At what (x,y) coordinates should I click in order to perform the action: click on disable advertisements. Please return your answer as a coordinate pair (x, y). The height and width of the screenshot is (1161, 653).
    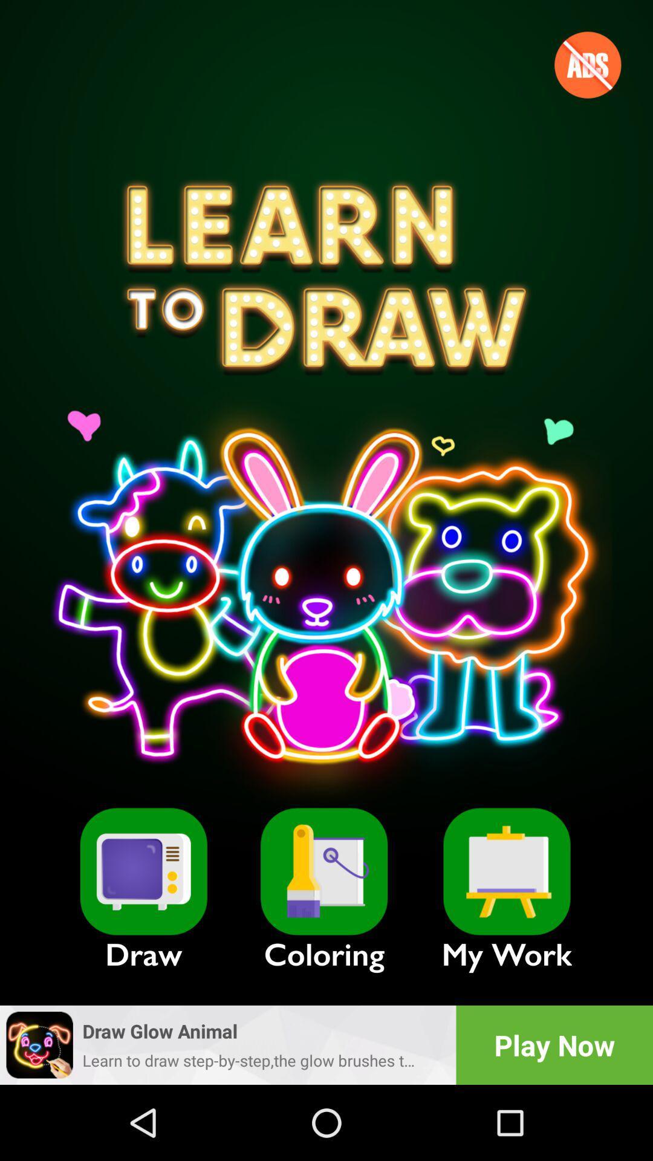
    Looking at the image, I should click on (587, 64).